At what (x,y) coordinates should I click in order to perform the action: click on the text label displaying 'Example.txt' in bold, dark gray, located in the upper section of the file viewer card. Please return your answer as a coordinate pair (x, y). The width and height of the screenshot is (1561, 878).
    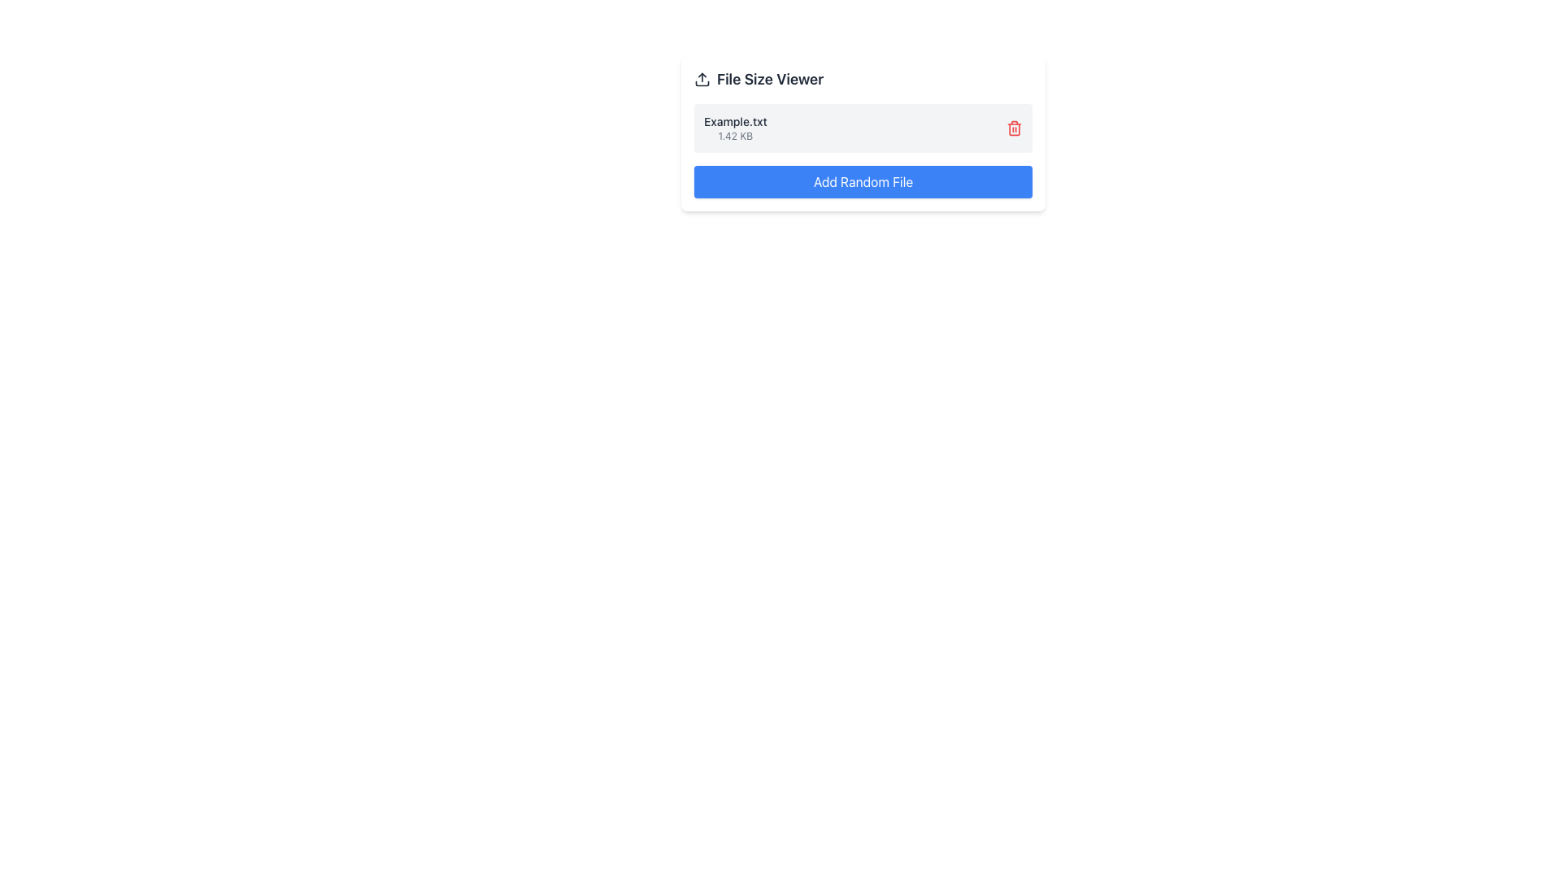
    Looking at the image, I should click on (734, 121).